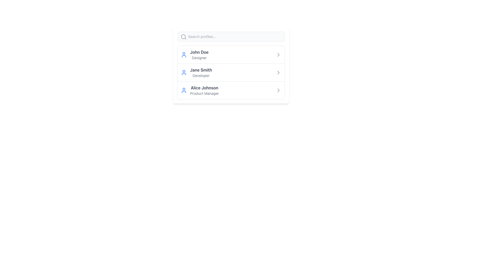  Describe the element at coordinates (196, 73) in the screenshot. I see `the second user profile block, which is located directly below 'John Doe, Designer' and above 'Alice Johnson, Product Manager'` at that location.